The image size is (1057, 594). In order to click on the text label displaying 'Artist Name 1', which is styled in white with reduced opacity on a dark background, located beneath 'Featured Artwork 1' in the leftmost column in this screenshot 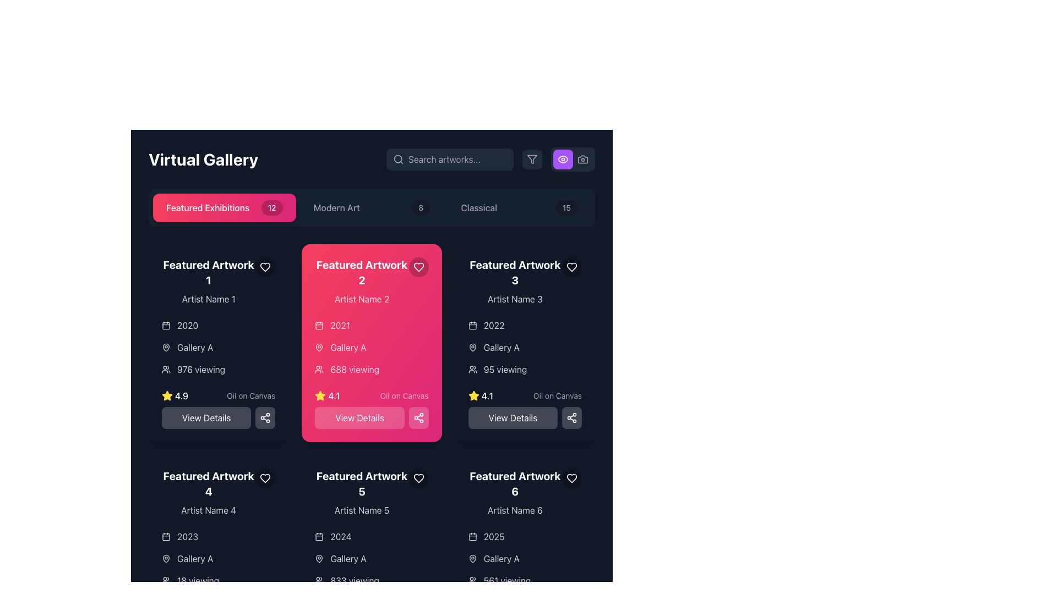, I will do `click(209, 299)`.